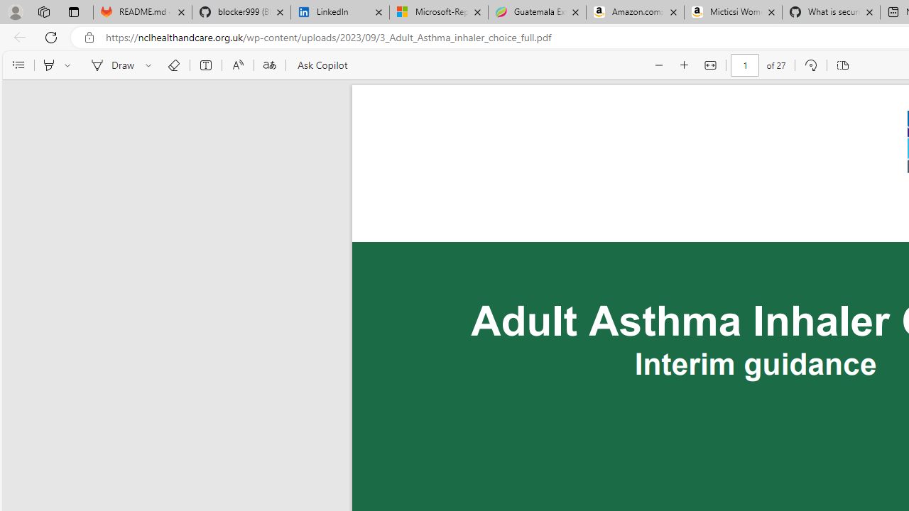 Image resolution: width=909 pixels, height=511 pixels. What do you see at coordinates (269, 65) in the screenshot?
I see `'Translate'` at bounding box center [269, 65].